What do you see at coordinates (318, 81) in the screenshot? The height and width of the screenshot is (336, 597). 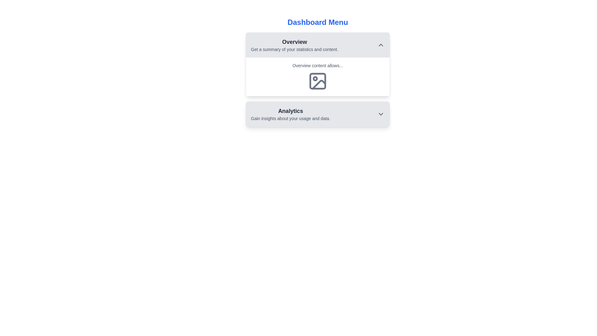 I see `the Rounded Rectangle SVG component representing an image icon, located centrally within the second section of the 'Overview' card in the 'Dashboard Menu'` at bounding box center [318, 81].